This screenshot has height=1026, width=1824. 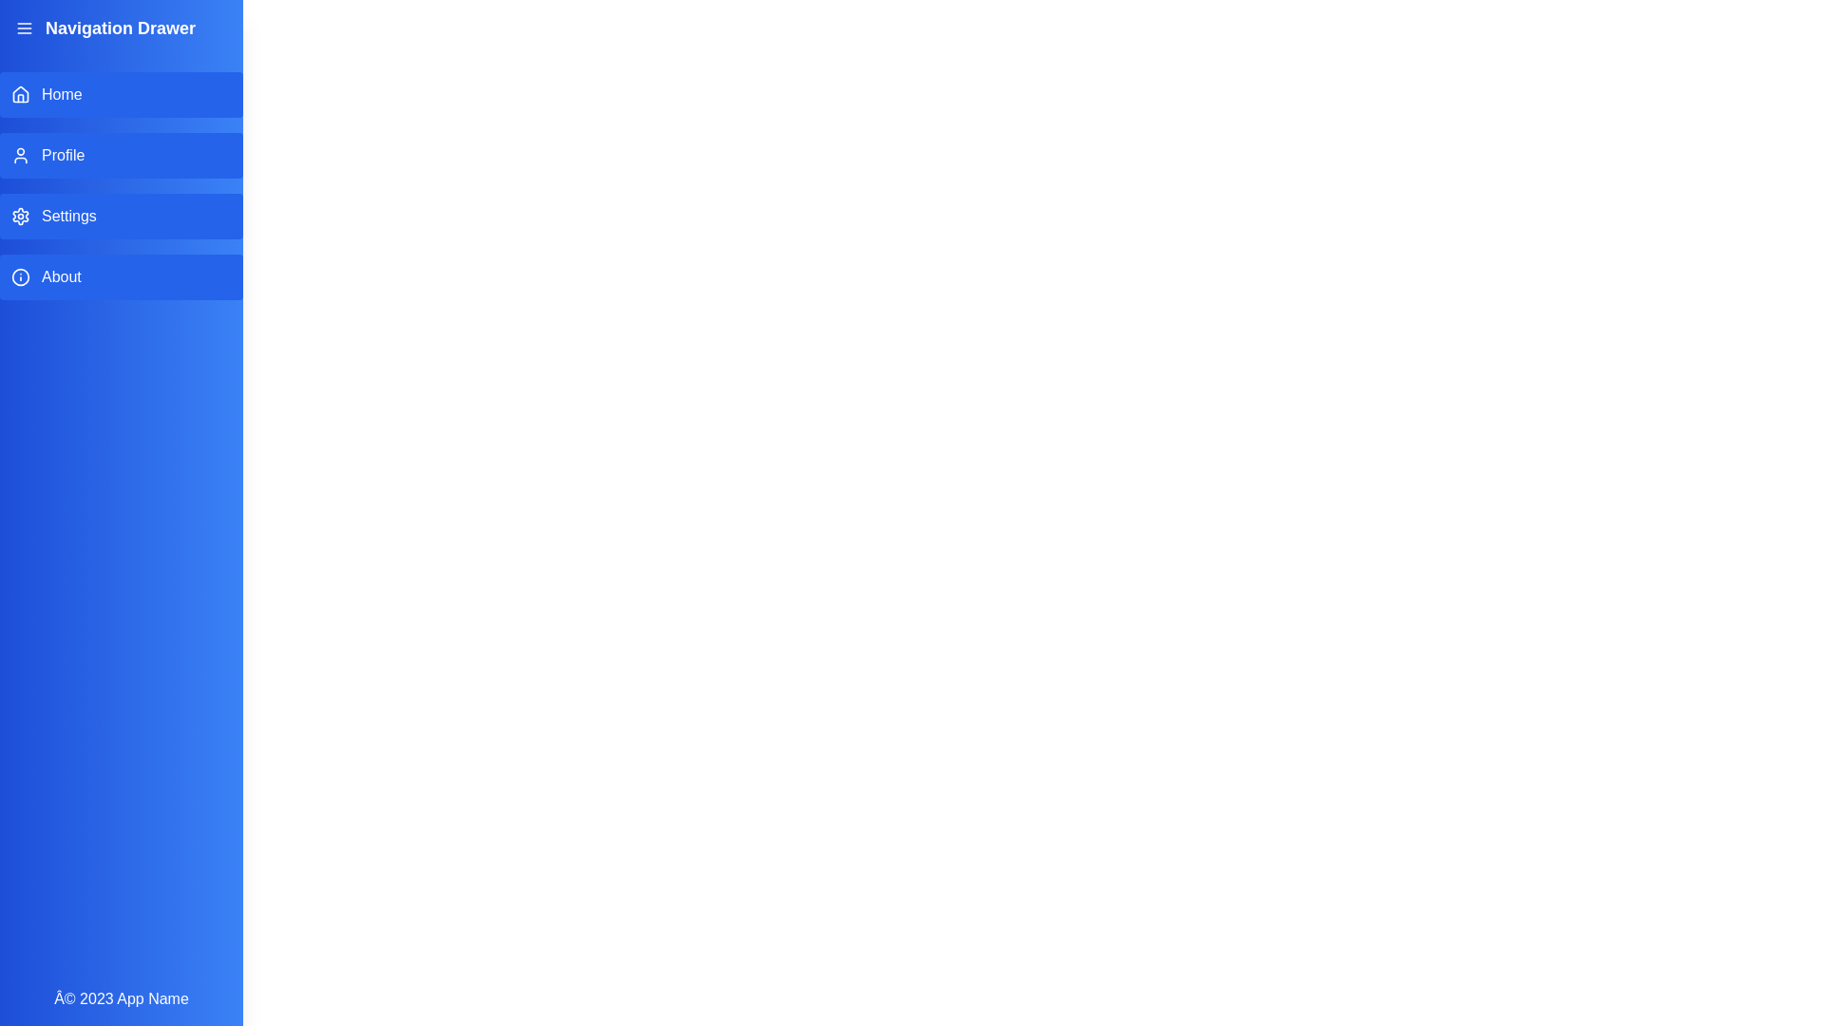 I want to click on the gear-like graphical icon located in the 'Settings' menu option within the vertical navigation drawer on the left side of the interface, so click(x=21, y=215).